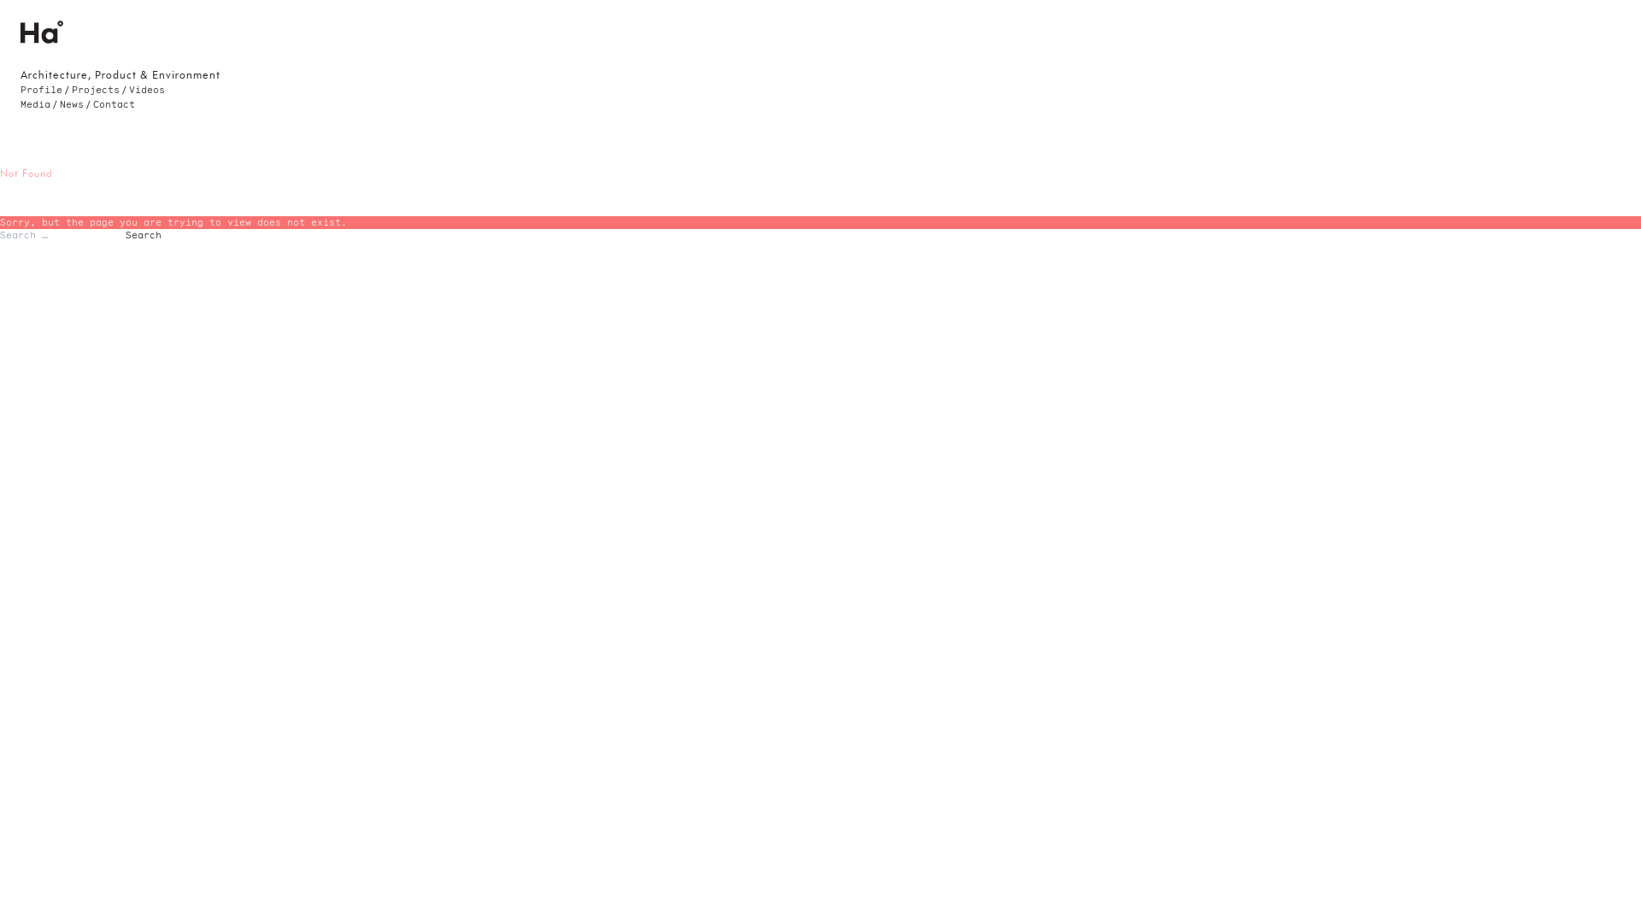 Image resolution: width=1641 pixels, height=923 pixels. I want to click on 'Search', so click(144, 235).